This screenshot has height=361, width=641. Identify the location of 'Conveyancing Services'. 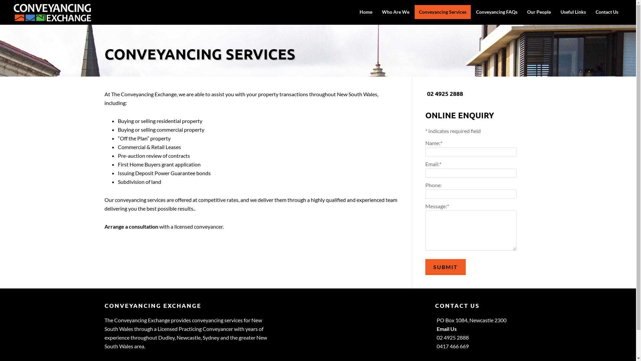
(442, 12).